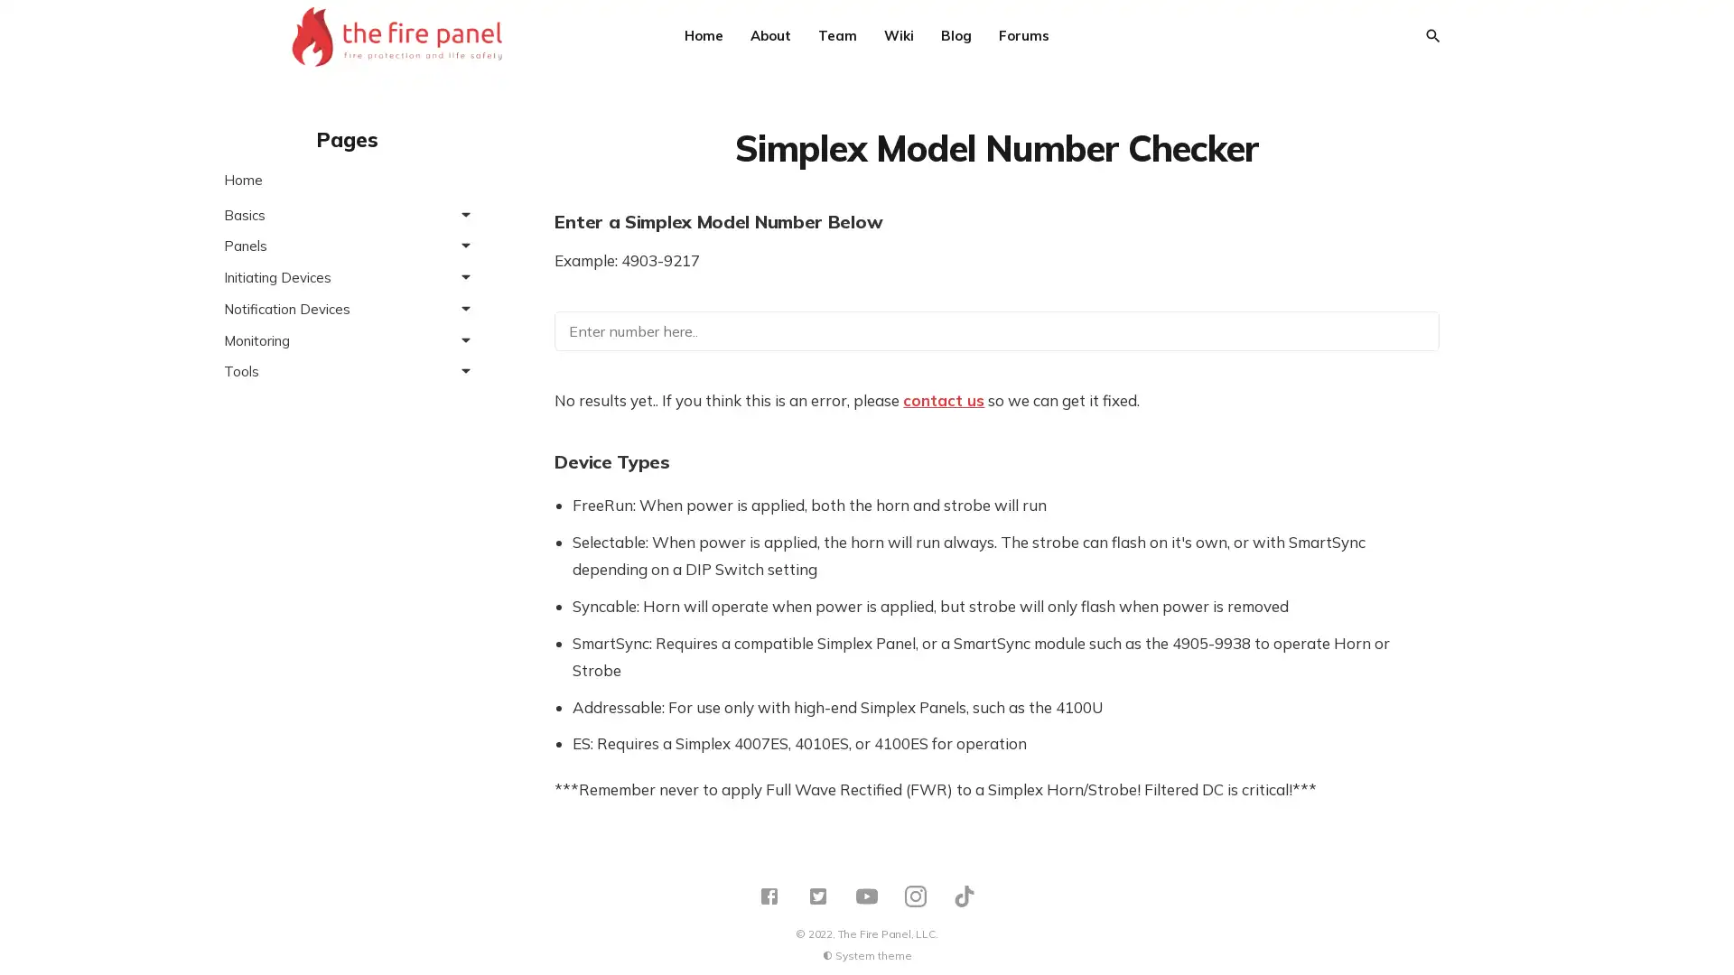 The width and height of the screenshot is (1734, 975). Describe the element at coordinates (1431, 35) in the screenshot. I see `Search` at that location.